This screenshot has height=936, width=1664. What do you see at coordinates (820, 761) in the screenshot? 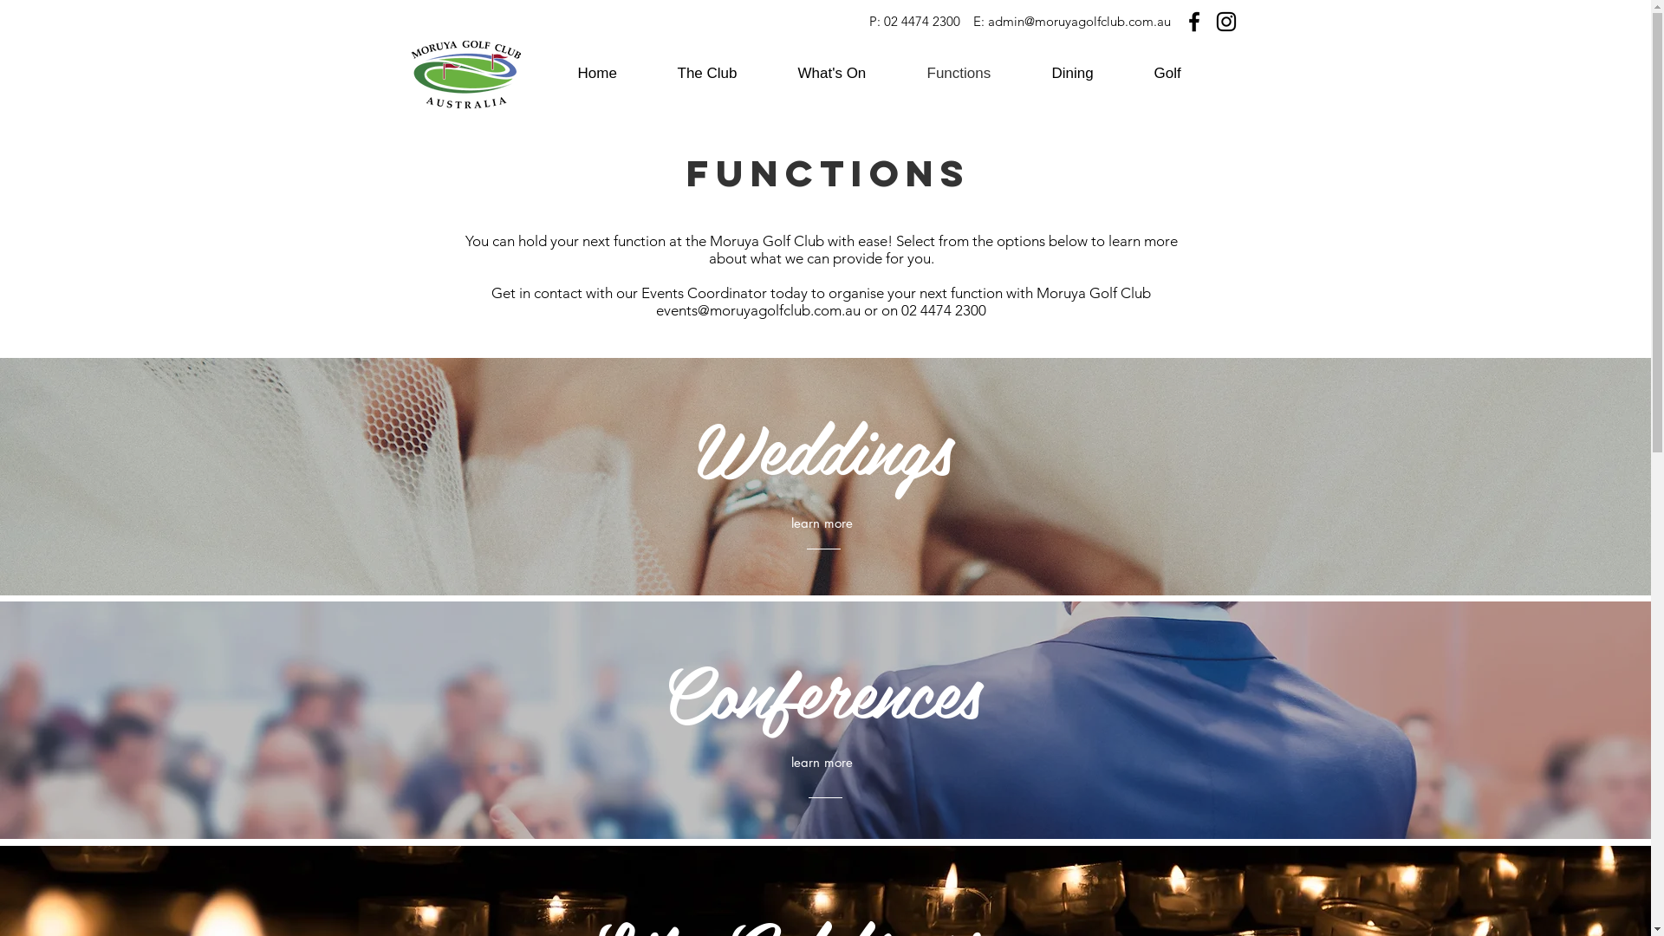
I see `'learn more'` at bounding box center [820, 761].